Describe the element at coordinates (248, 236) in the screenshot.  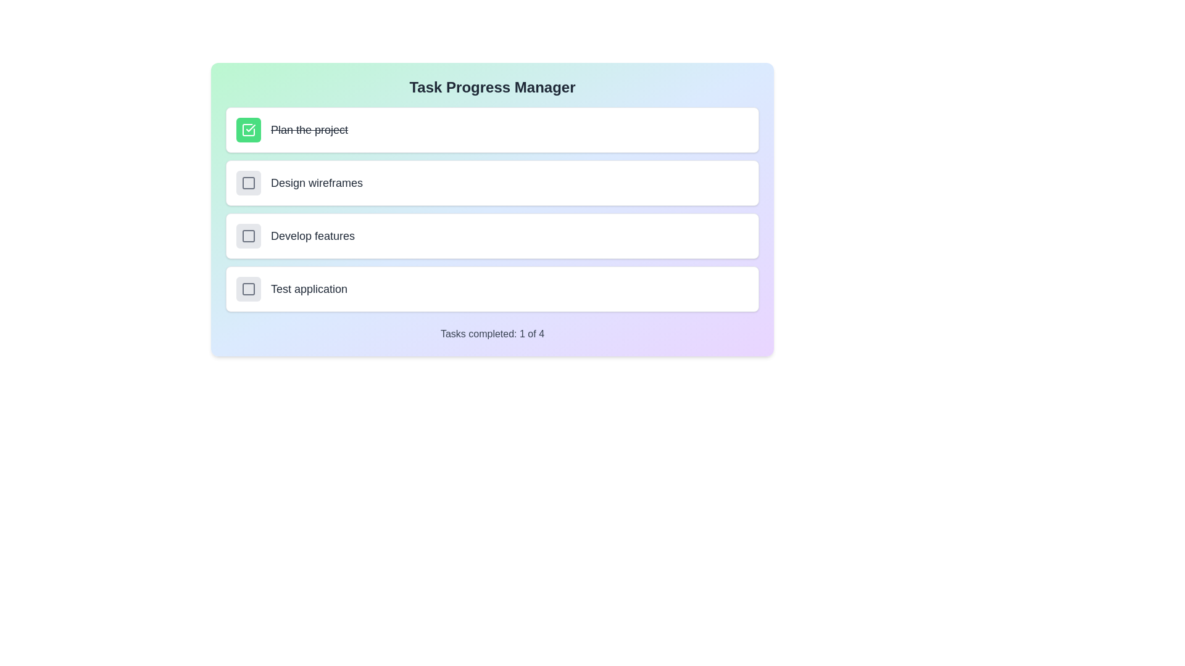
I see `the inner SVG element of the checkbox for the 'Develop features' task` at that location.